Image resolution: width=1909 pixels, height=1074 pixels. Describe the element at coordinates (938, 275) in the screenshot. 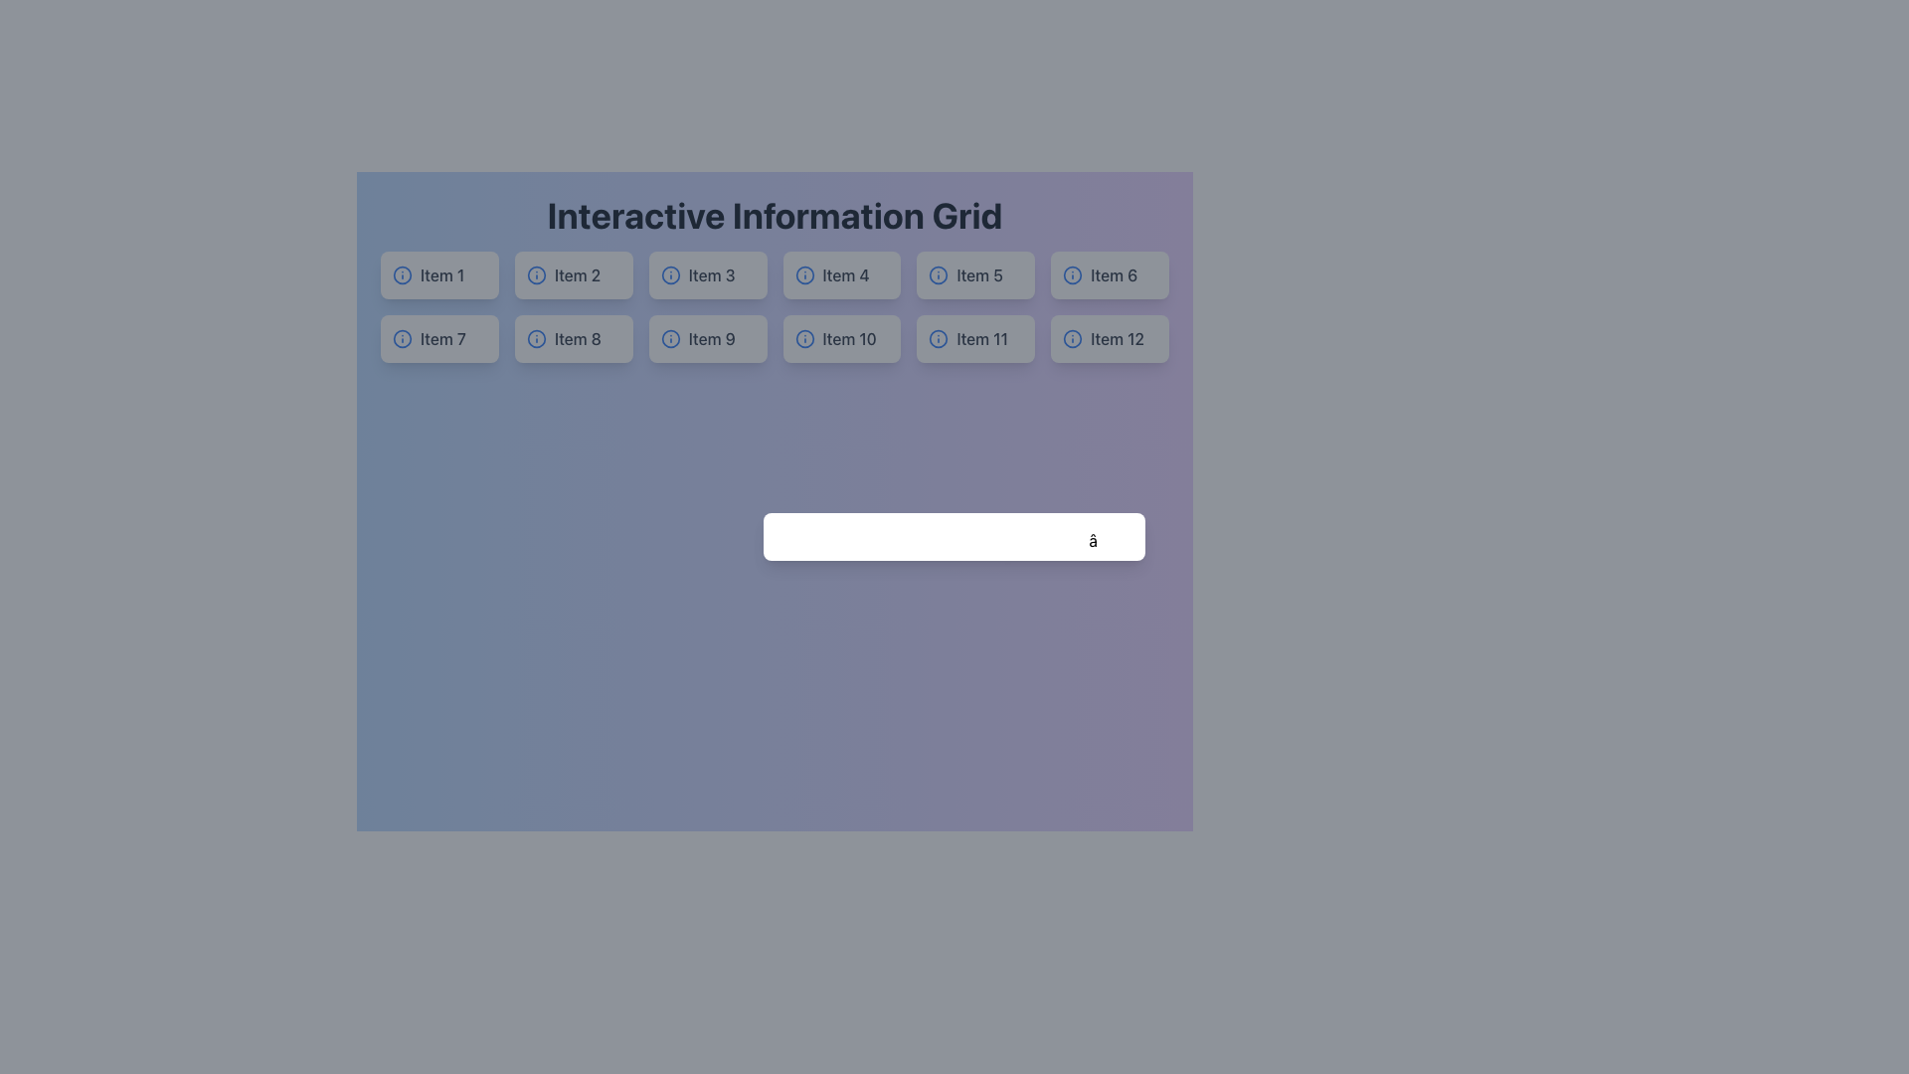

I see `the SVG Circle located at the center of the 'Item 5' button in the second row of the grid` at that location.